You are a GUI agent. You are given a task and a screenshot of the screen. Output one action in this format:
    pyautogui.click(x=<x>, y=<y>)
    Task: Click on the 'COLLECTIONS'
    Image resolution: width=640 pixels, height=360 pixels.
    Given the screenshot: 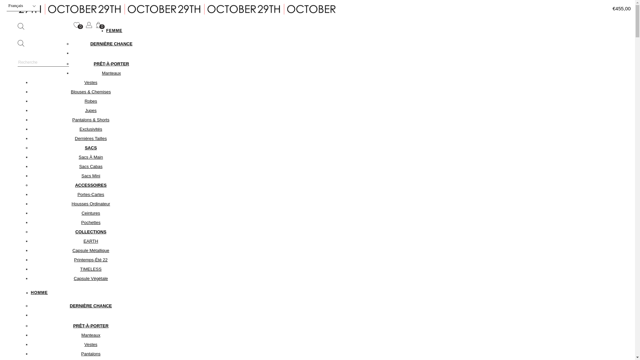 What is the action you would take?
    pyautogui.click(x=90, y=231)
    